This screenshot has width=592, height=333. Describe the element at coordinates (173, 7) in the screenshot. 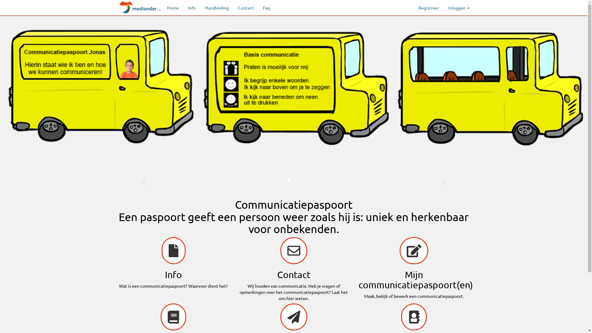

I see `'Home'` at that location.